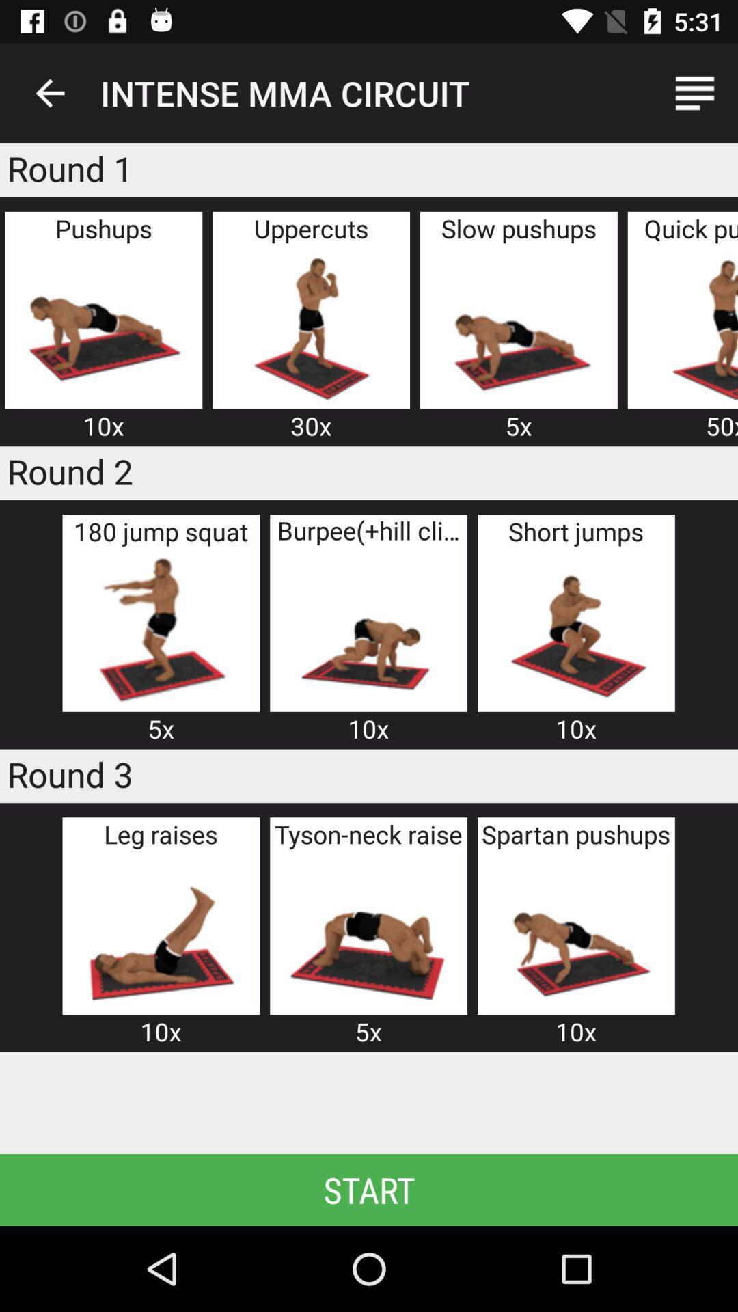 The width and height of the screenshot is (738, 1312). I want to click on intense mma circuit 30k, so click(311, 326).